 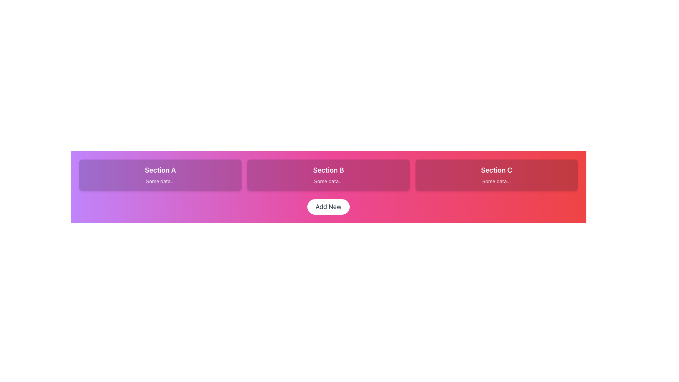 I want to click on text of the small label displaying 'Some data...' located below the heading 'Section C' in the third card from the left, so click(x=496, y=181).